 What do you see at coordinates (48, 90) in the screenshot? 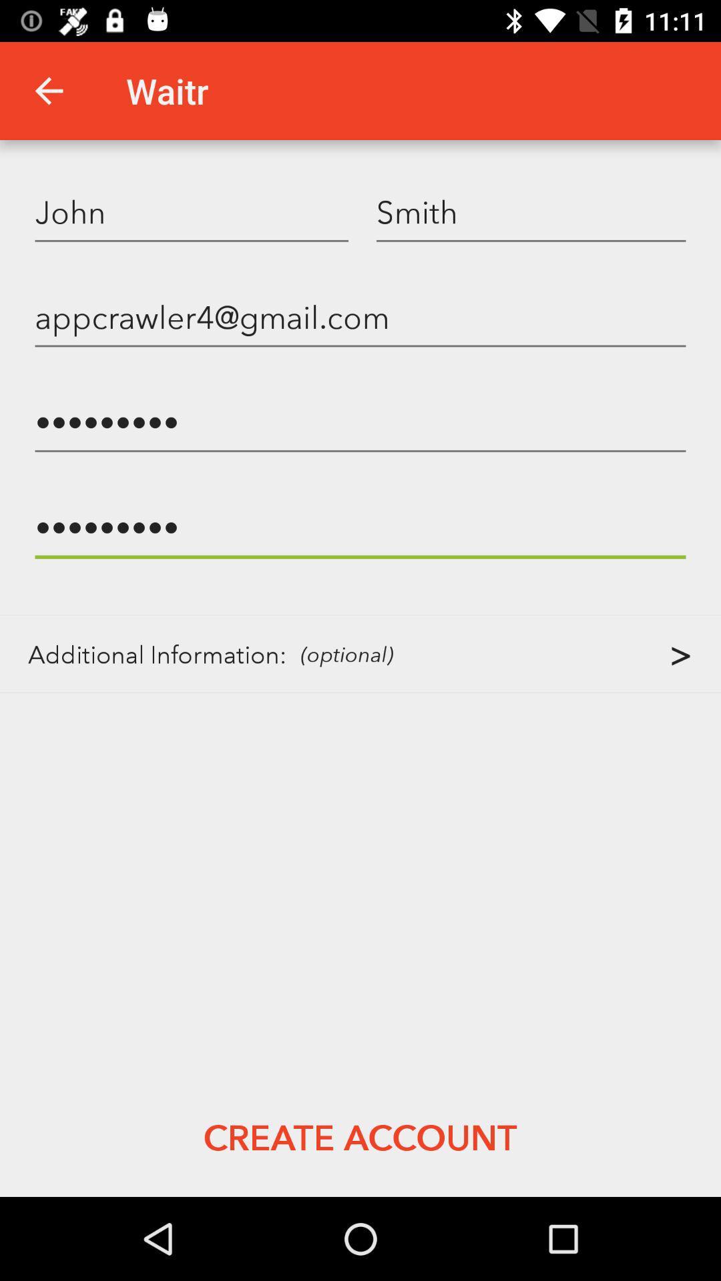
I see `the icon to the left of the waitr app` at bounding box center [48, 90].